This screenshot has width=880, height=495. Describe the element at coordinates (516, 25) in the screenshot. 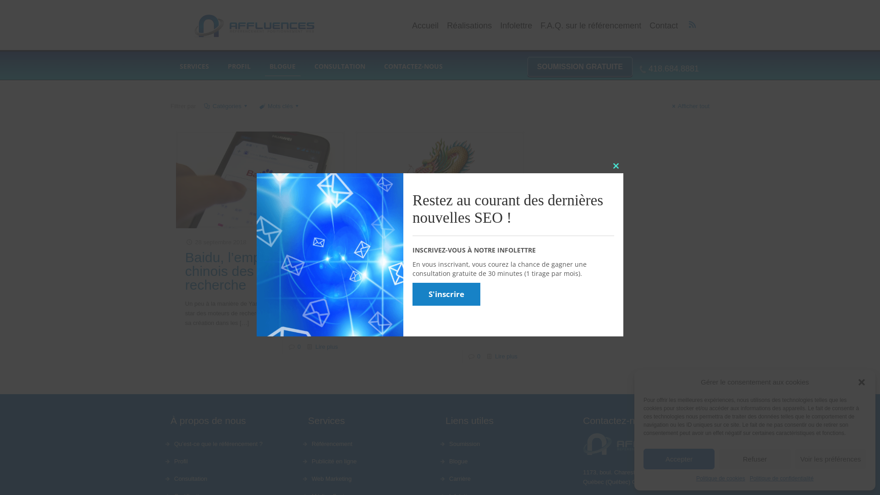

I see `'Infolettre'` at that location.